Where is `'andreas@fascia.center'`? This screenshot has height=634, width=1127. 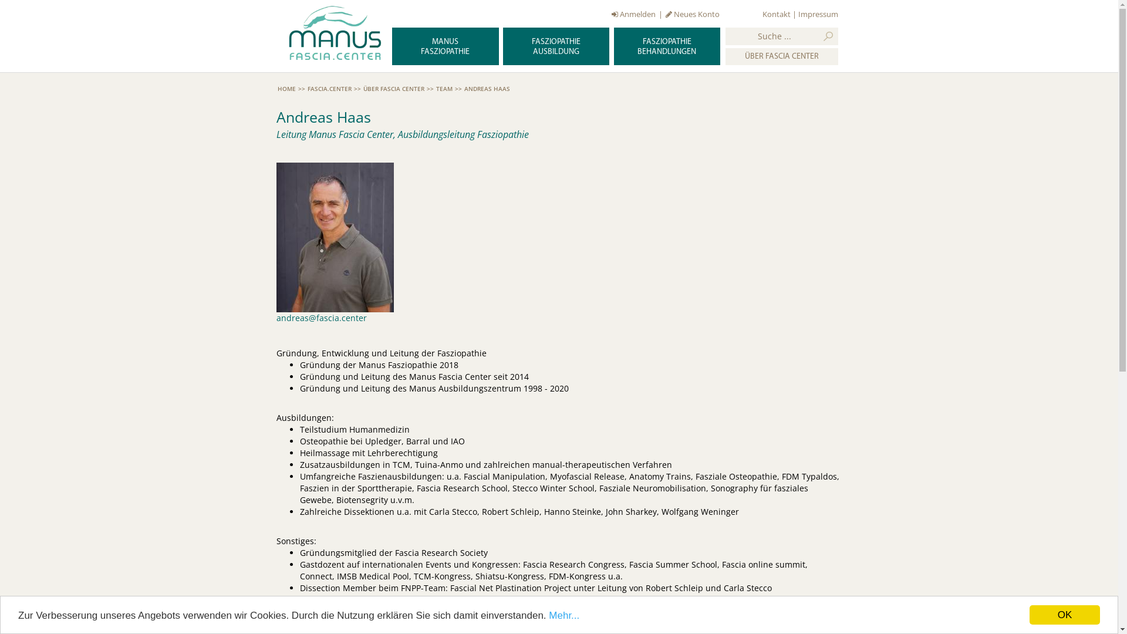 'andreas@fascia.center' is located at coordinates (321, 318).